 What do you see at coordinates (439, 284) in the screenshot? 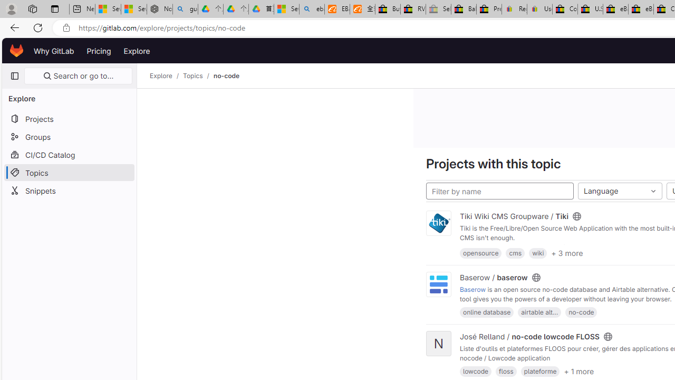
I see `'Class: project'` at bounding box center [439, 284].